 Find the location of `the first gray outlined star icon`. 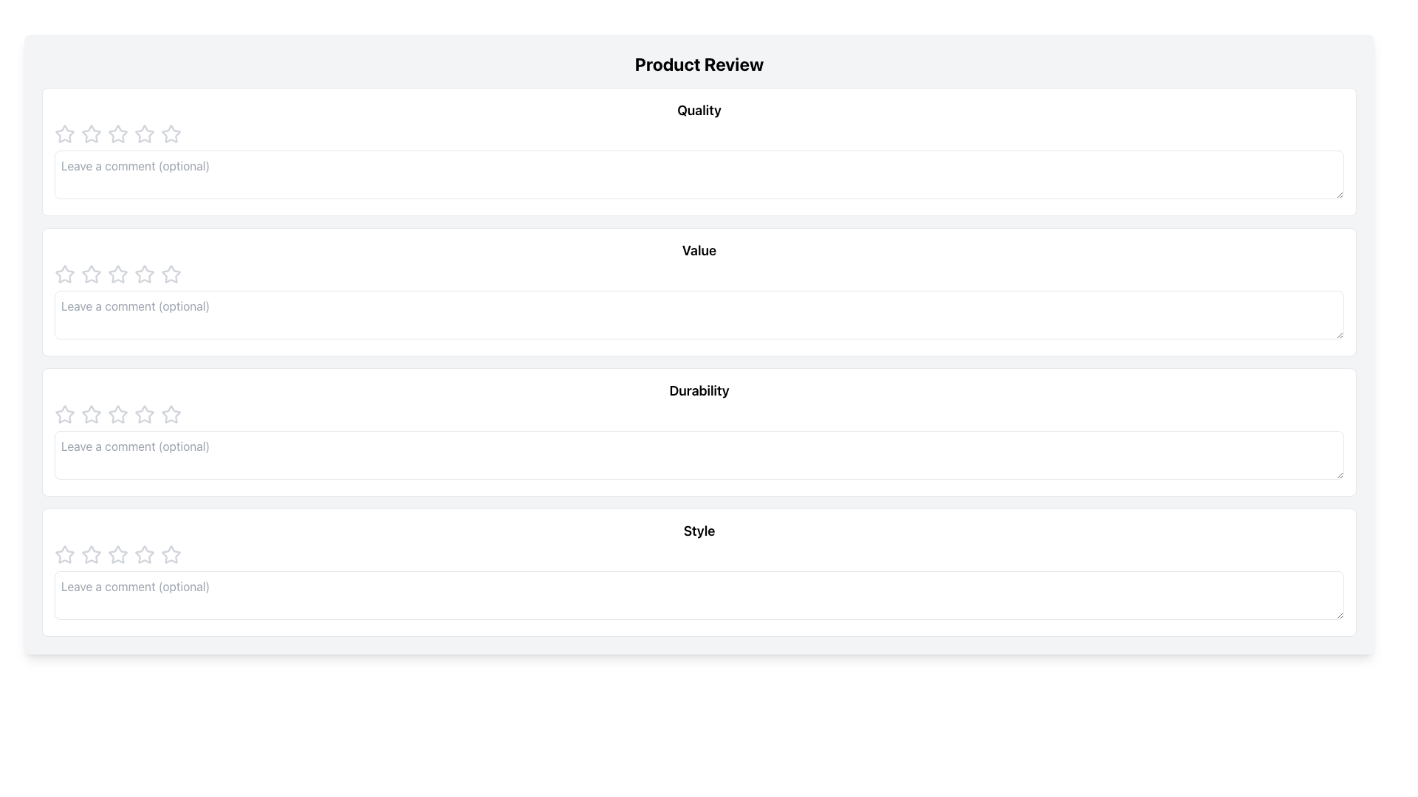

the first gray outlined star icon is located at coordinates (64, 415).